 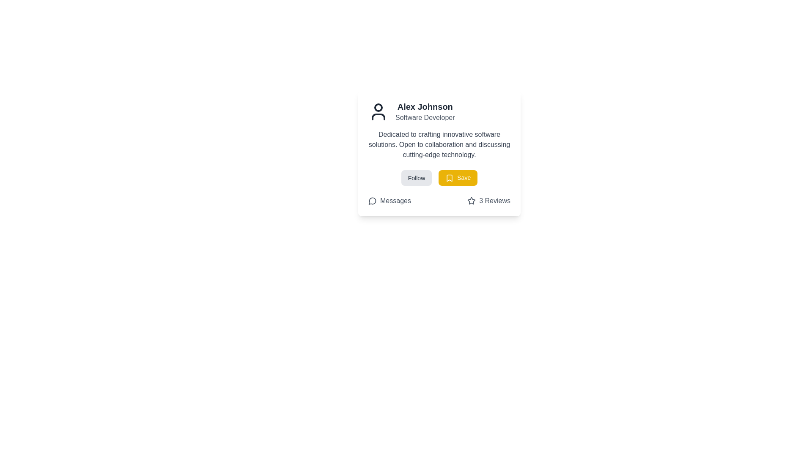 I want to click on the text label displaying the name 'Alex Johnson' for accessibility tools, located at the top of the profile card, so click(x=425, y=106).